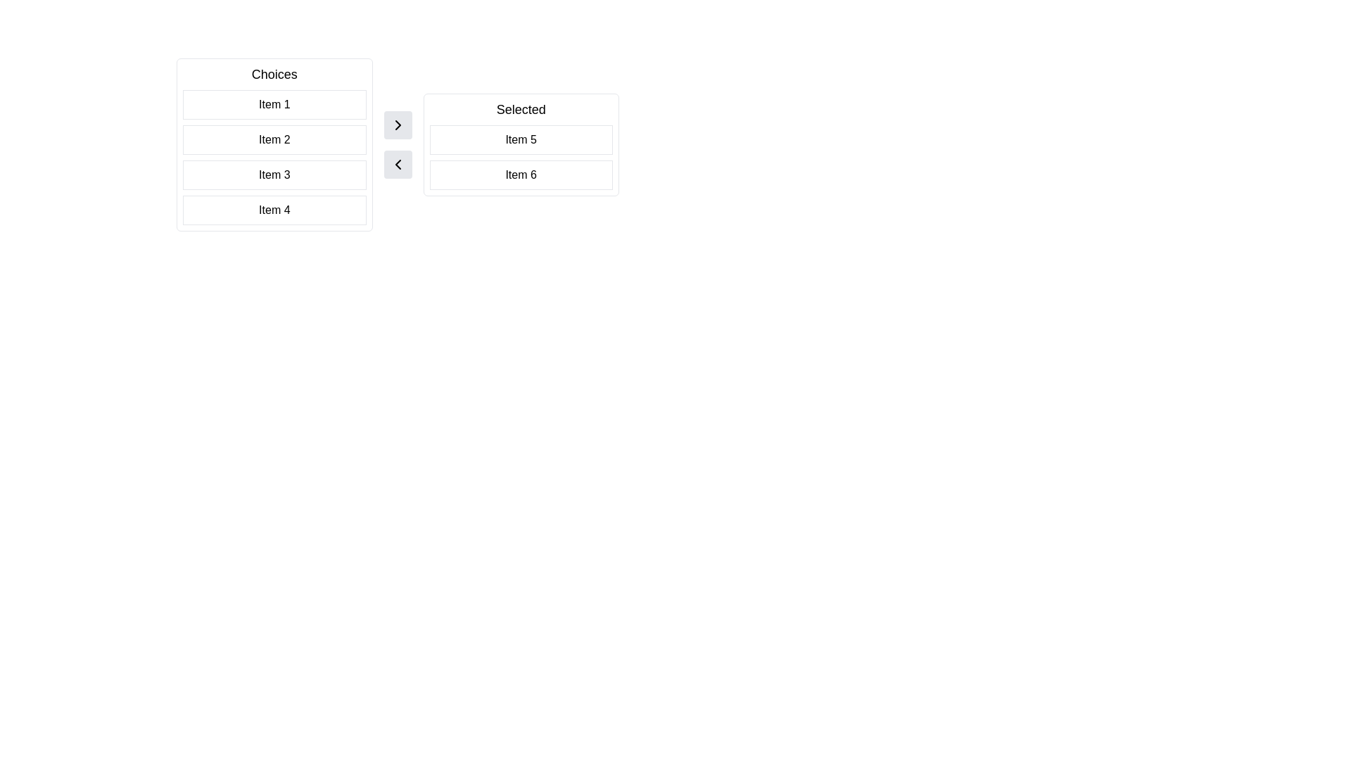  Describe the element at coordinates (520, 175) in the screenshot. I see `the static display box that indicates the selected item, located directly below 'Item 5' in the 'Selected' section` at that location.